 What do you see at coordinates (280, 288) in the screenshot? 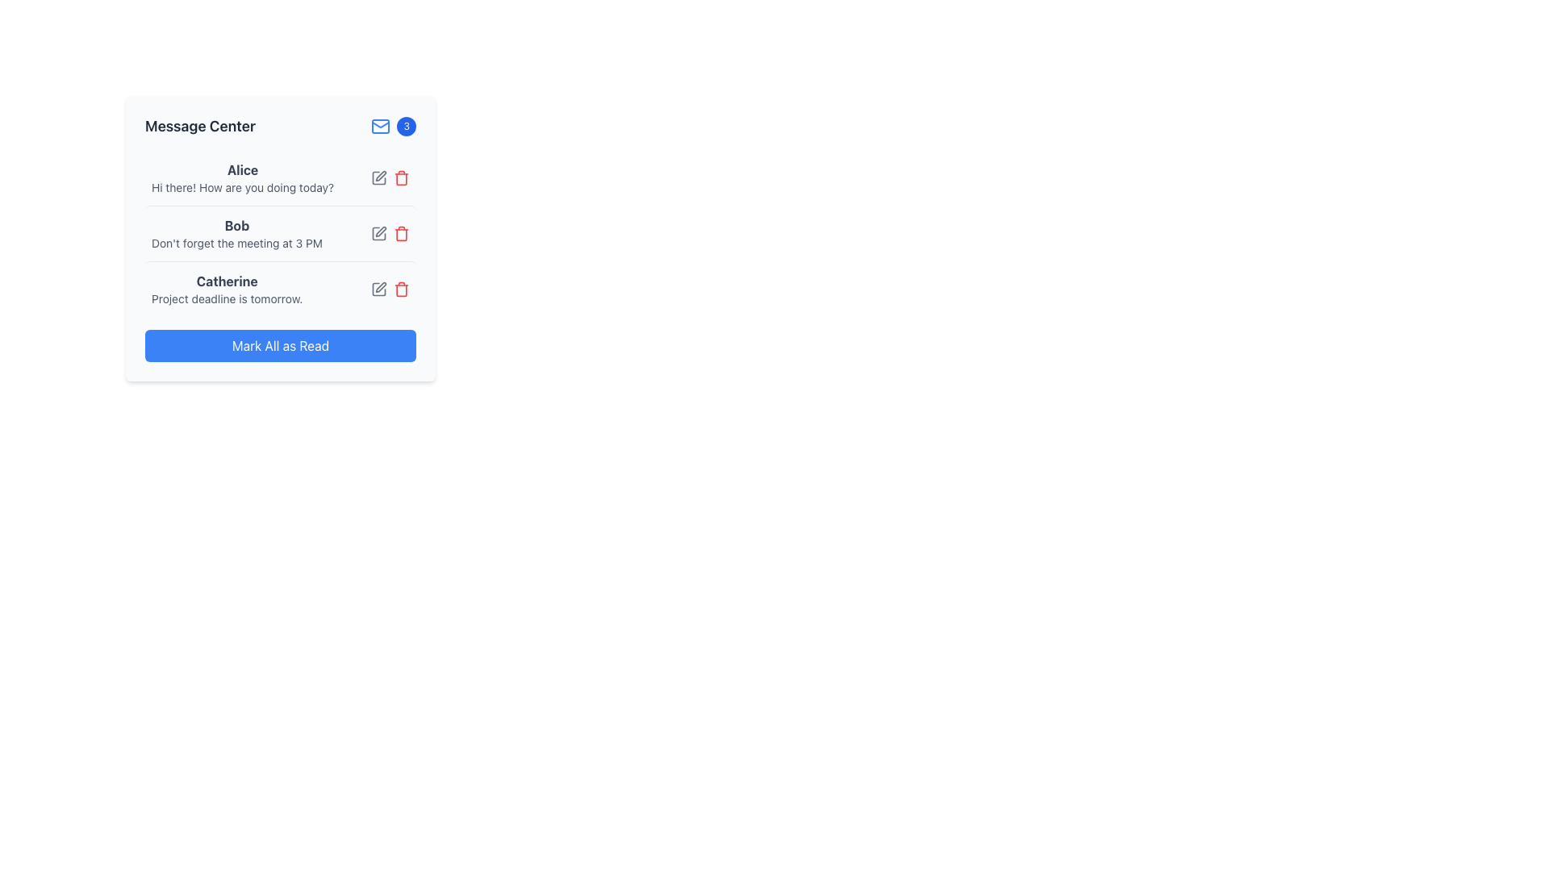
I see `the message entry from the third position` at bounding box center [280, 288].